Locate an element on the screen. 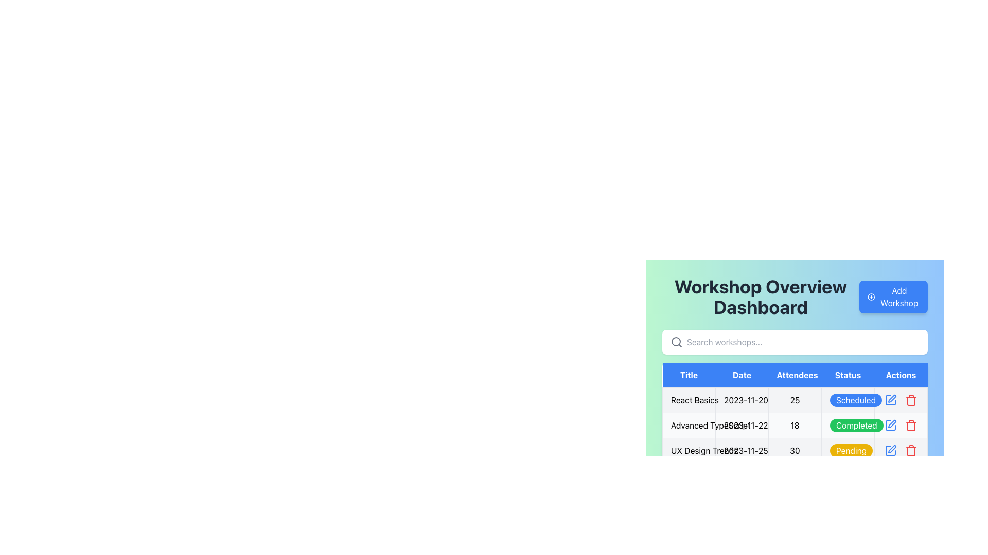 This screenshot has width=988, height=555. the red trash icon button in the 'Actions' column of the first row in the workshop status table is located at coordinates (911, 400).